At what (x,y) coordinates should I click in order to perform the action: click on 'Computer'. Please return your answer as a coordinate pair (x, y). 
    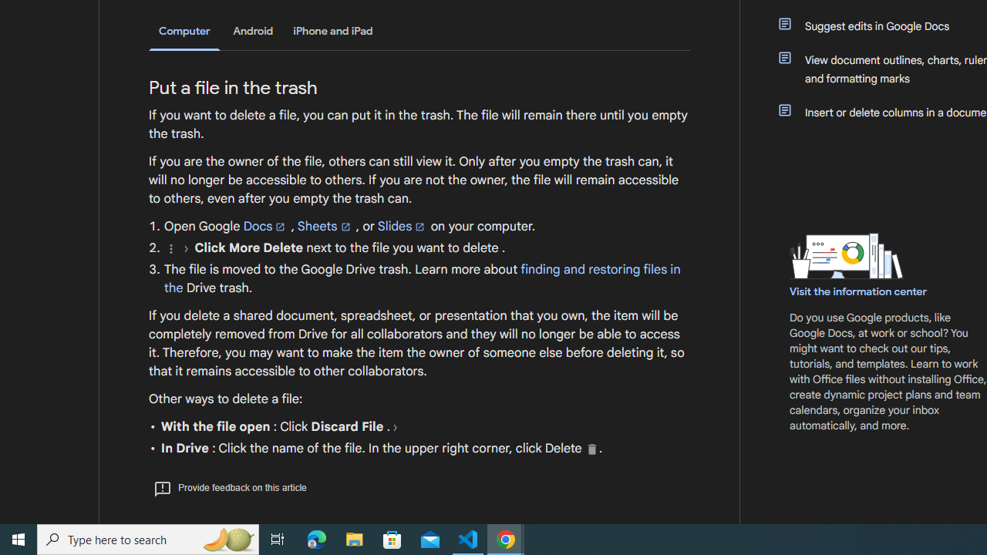
    Looking at the image, I should click on (184, 32).